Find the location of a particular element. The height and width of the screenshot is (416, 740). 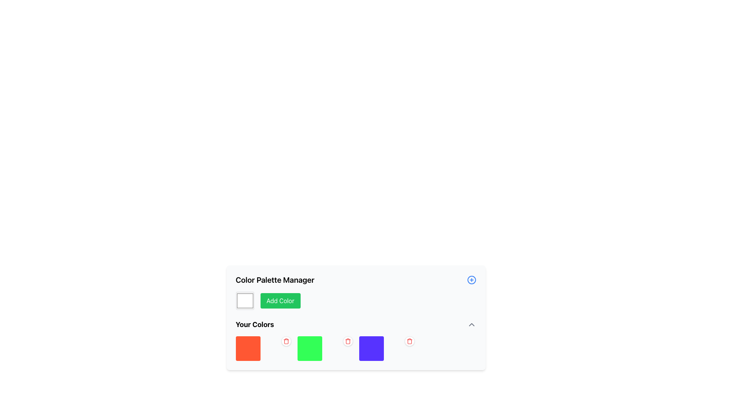

the 'Add Color' button with a green background located in the 'Color Palette Manager' section to observe the hover effect is located at coordinates (280, 300).